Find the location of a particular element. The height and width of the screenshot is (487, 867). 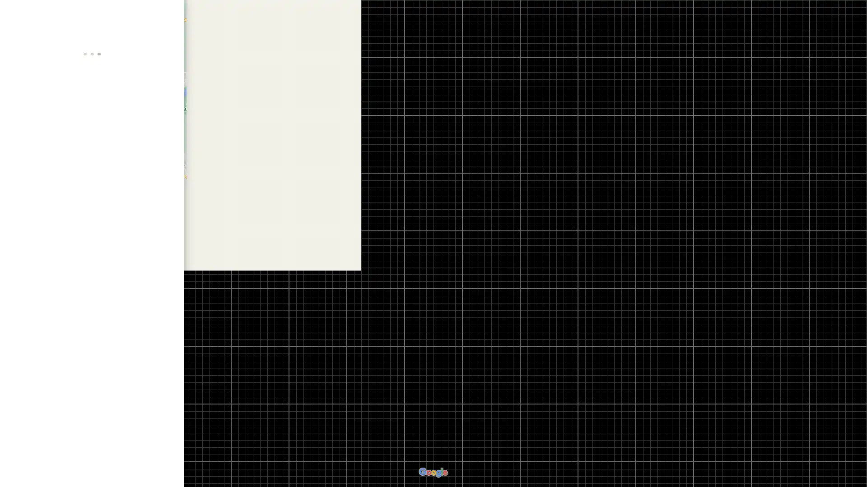

All is located at coordinates (36, 441).